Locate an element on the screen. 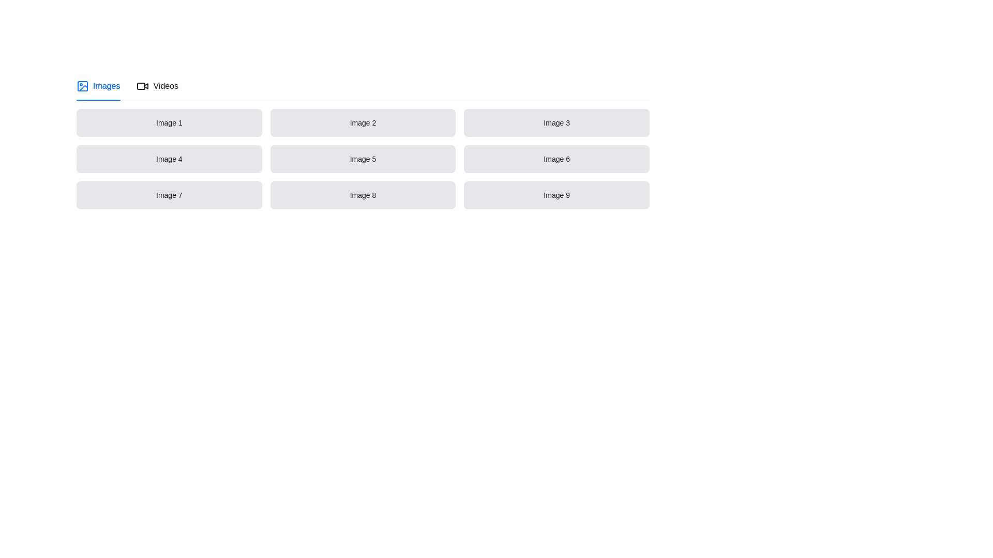 The height and width of the screenshot is (558, 993). the small square icon with a photograph depiction located at the leftmost side of the header section, positioned on the same row as the 'Images' and 'Videos' tabs is located at coordinates (82, 85).